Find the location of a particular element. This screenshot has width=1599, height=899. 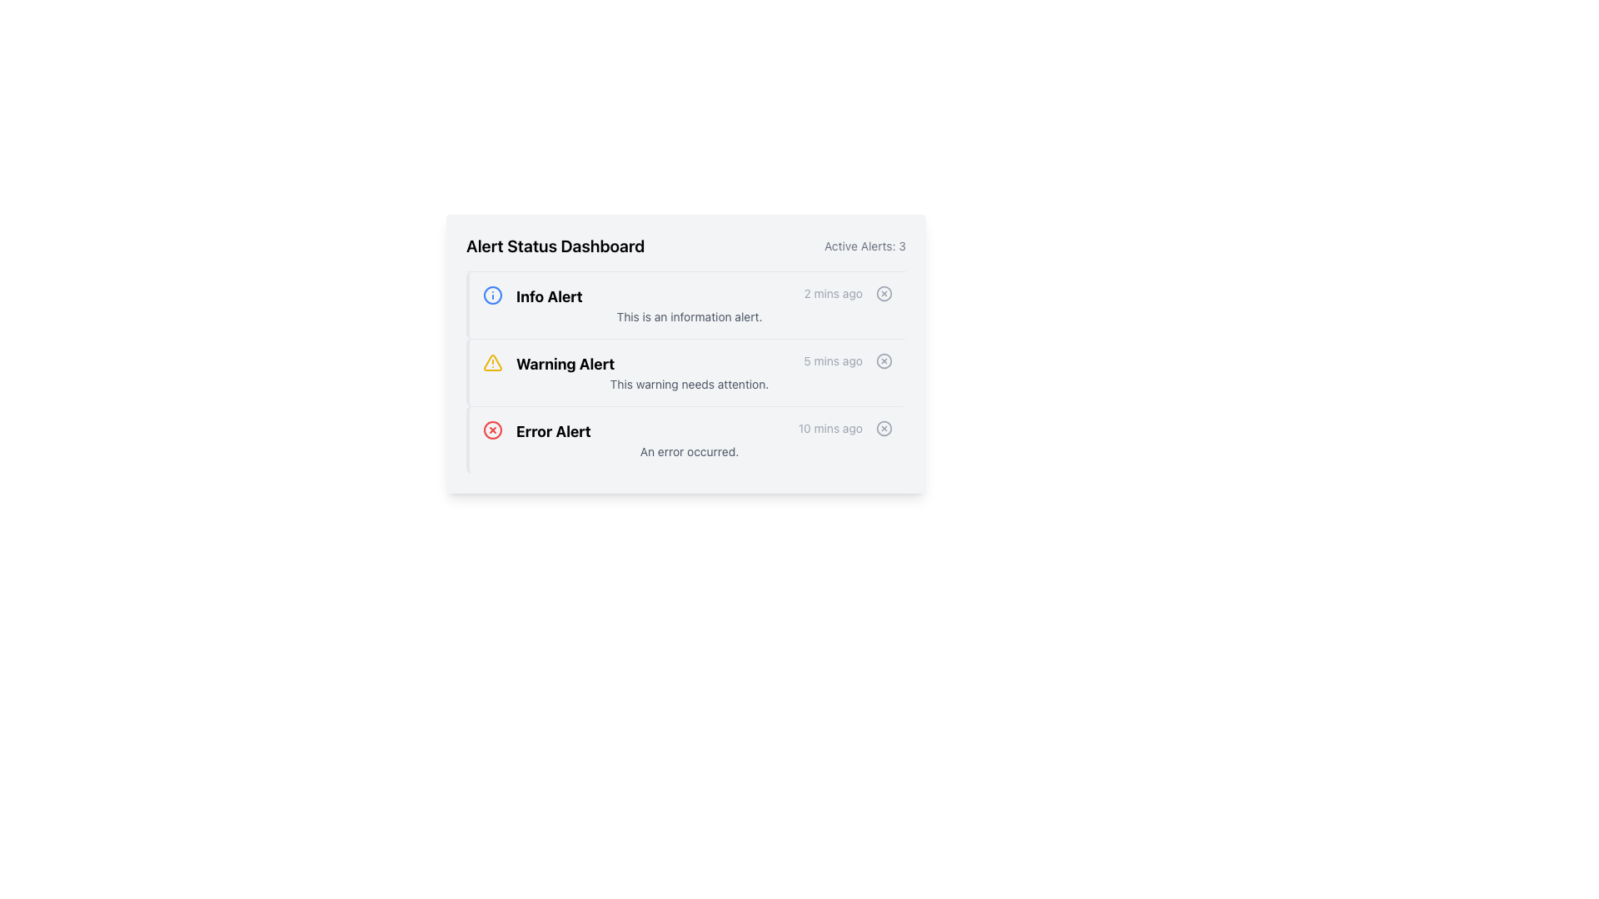

alert message from the Notification Box displaying 'Warning Alert' with a light yellow background and a warning icon is located at coordinates (686, 371).